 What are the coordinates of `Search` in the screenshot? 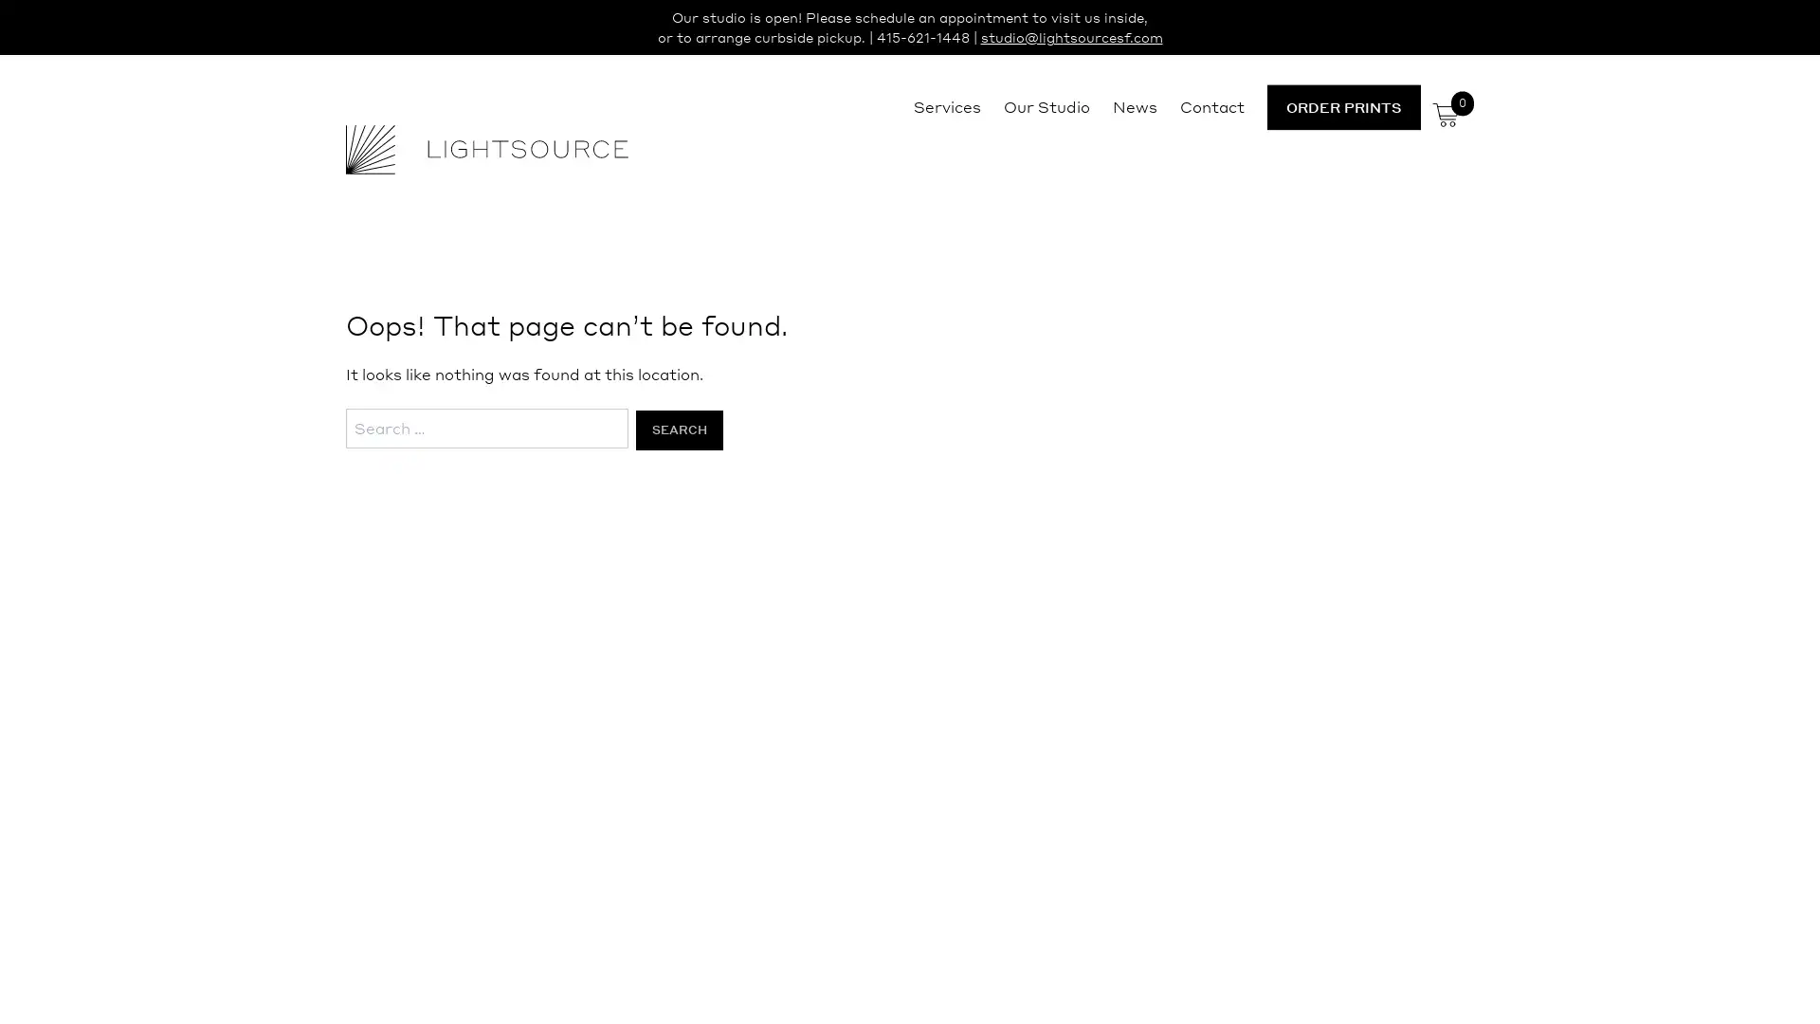 It's located at (678, 429).